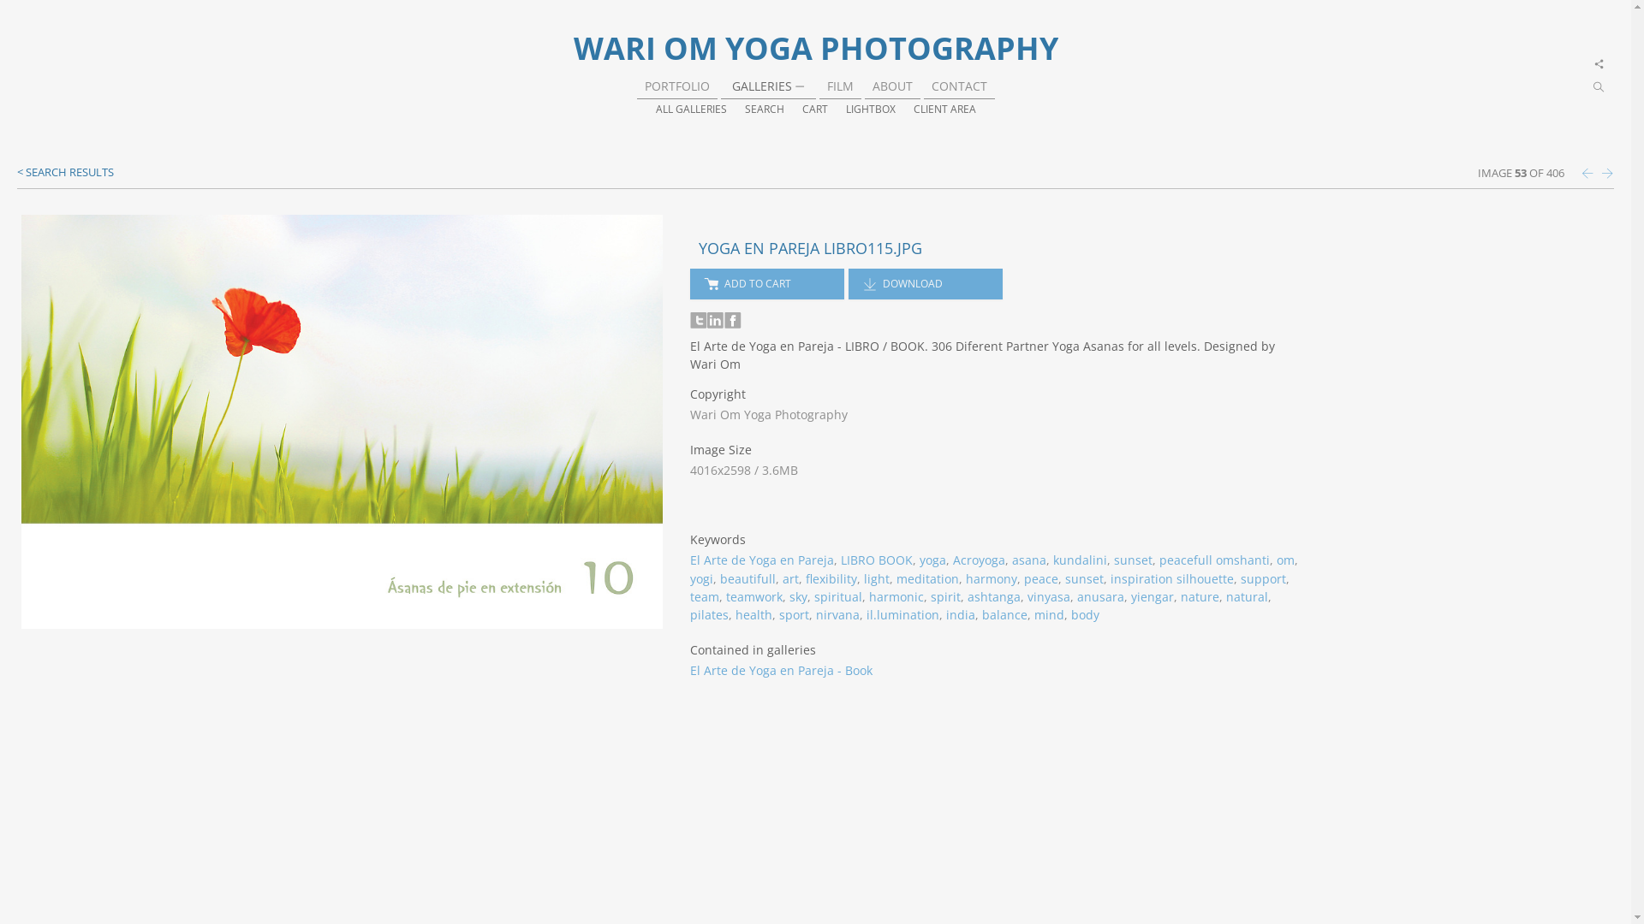  I want to click on 'flexibility', so click(831, 577).